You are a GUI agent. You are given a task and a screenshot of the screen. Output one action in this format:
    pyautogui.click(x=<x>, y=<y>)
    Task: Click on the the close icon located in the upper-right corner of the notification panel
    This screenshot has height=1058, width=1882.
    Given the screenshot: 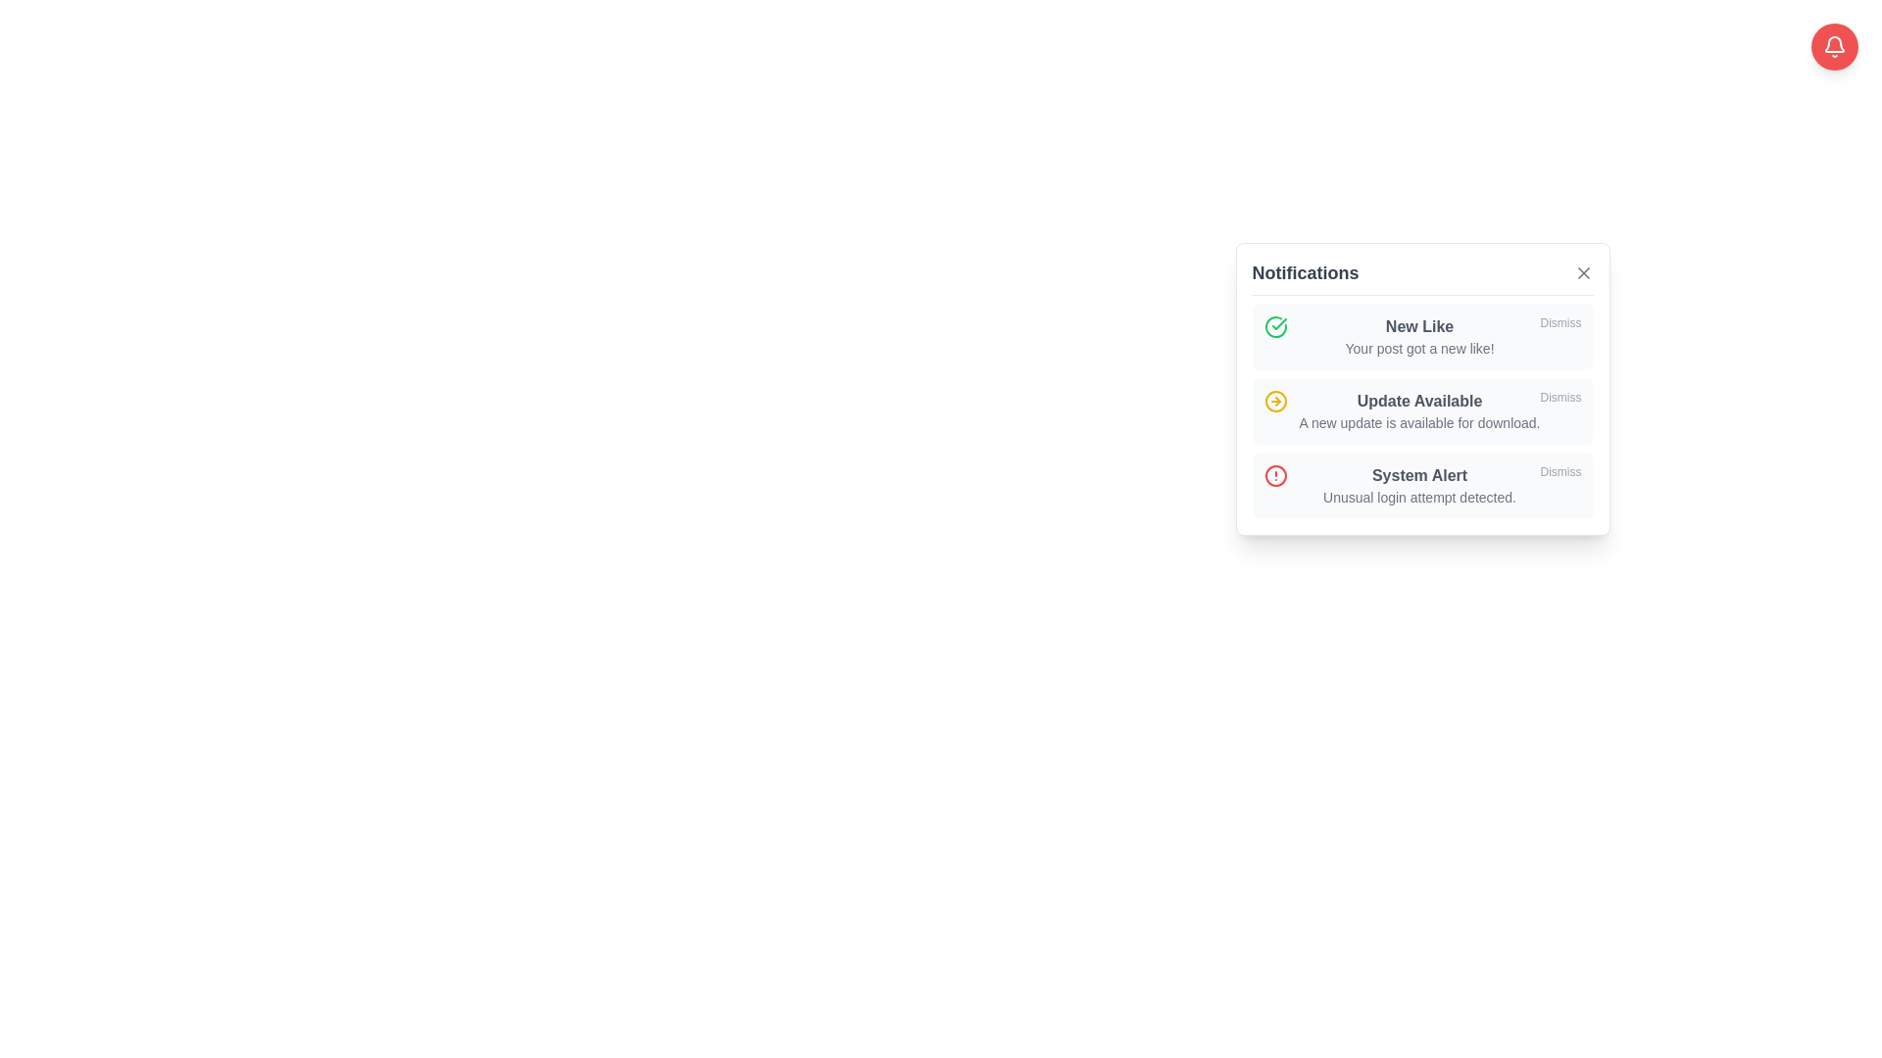 What is the action you would take?
    pyautogui.click(x=1583, y=272)
    